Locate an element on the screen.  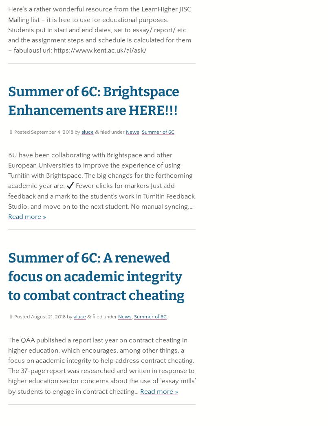
'BU have been collaborating with Brightspace and other European Universities to improve the experience of using Turnitin with Brightspace. The big changes for the forthcoming academic year are:' is located at coordinates (100, 170).